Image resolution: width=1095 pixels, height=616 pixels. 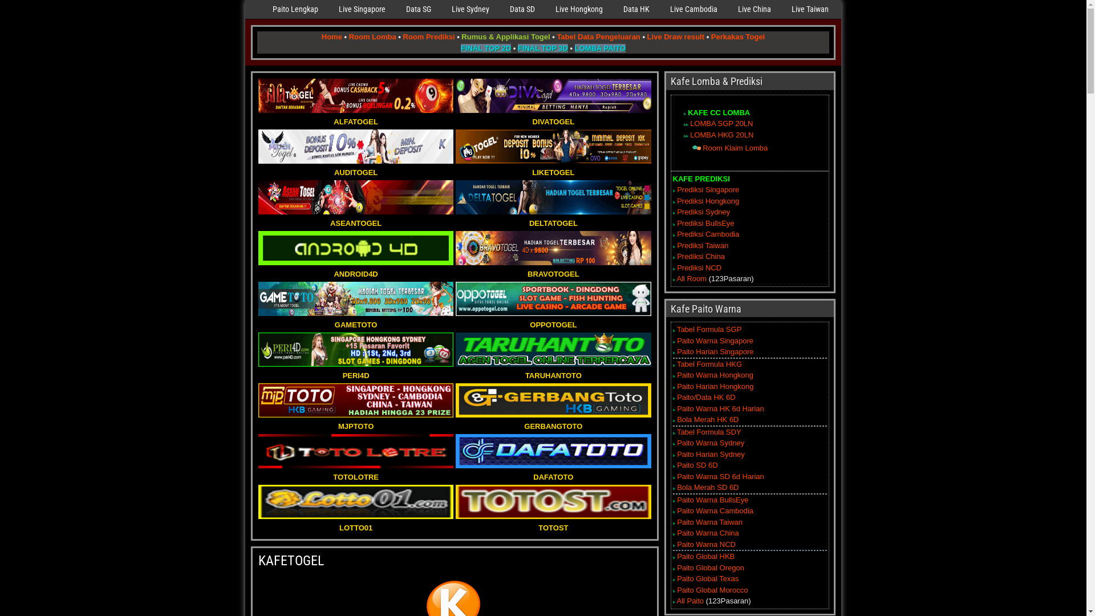 I want to click on 'Room Lomba', so click(x=348, y=36).